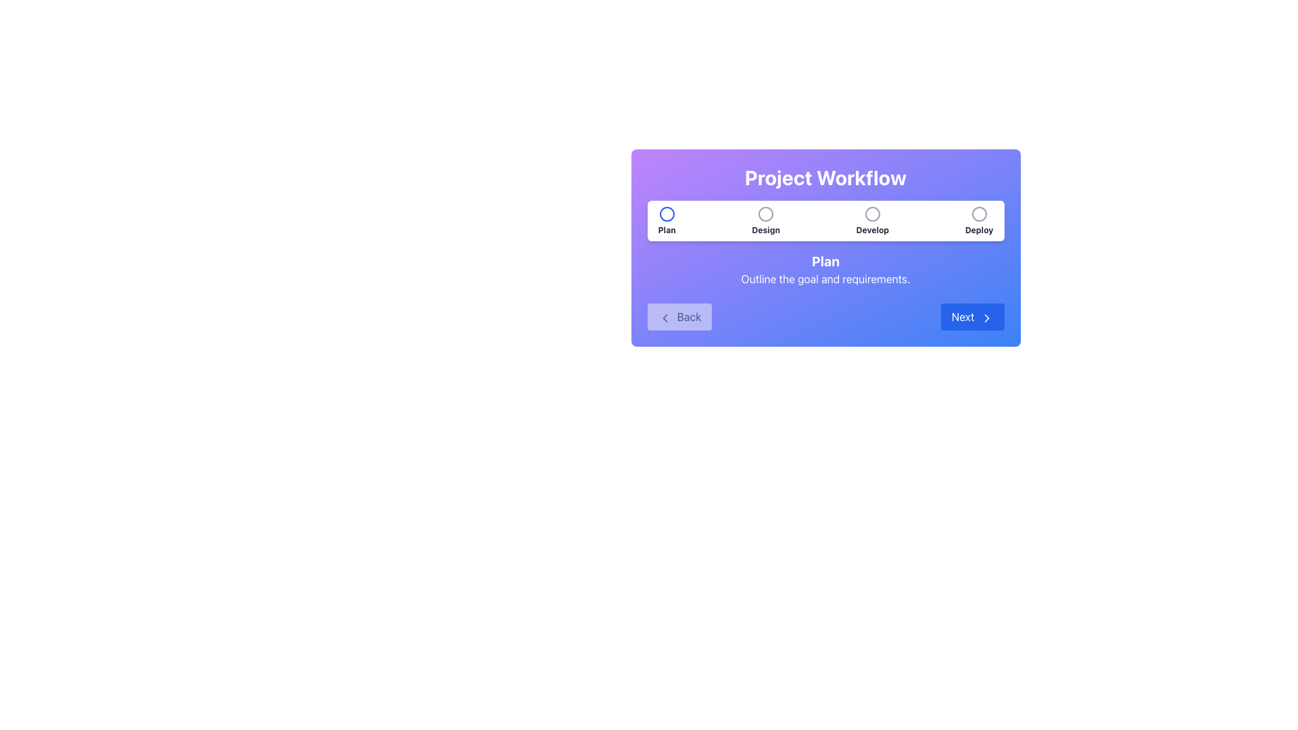  What do you see at coordinates (979, 213) in the screenshot?
I see `the Circle icon that represents the 'Deploy' step in the workflow, located to the right of 'Develop'` at bounding box center [979, 213].